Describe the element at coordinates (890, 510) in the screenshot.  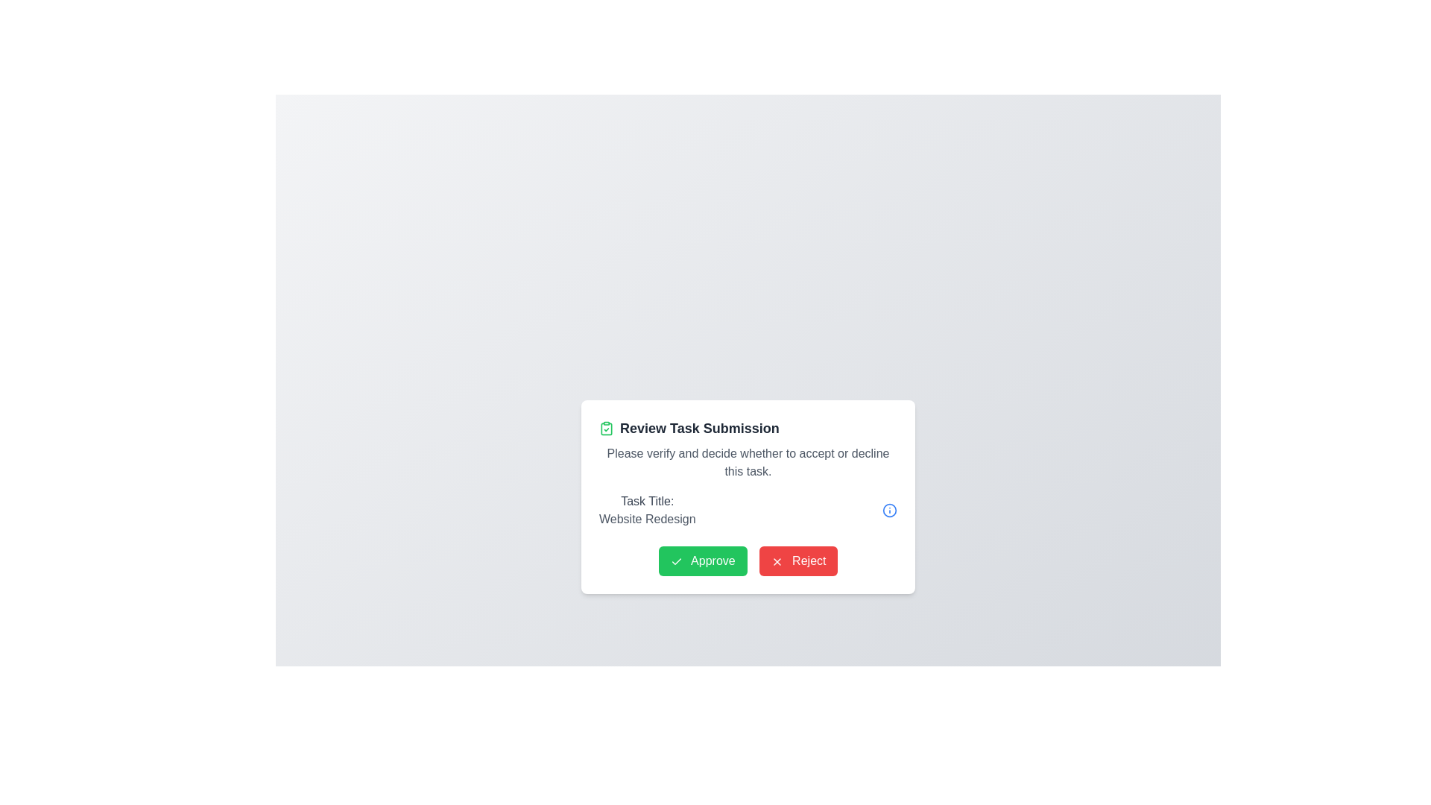
I see `the blue-stroked circular outline in the top-right corner of the modal interface to view more information about the 'Website Redesign' task` at that location.